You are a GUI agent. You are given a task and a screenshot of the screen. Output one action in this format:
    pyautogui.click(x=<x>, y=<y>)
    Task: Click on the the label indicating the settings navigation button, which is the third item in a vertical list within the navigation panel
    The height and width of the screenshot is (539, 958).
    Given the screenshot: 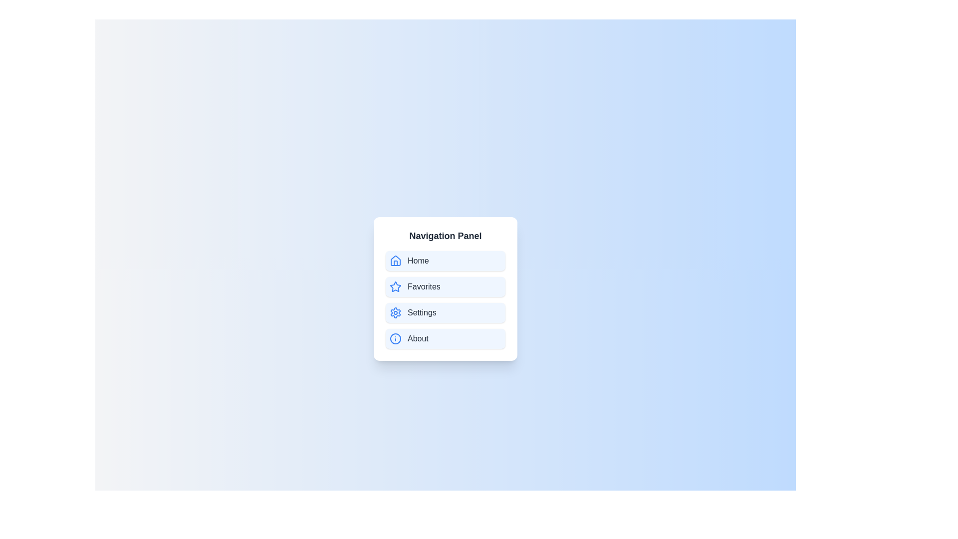 What is the action you would take?
    pyautogui.click(x=422, y=312)
    